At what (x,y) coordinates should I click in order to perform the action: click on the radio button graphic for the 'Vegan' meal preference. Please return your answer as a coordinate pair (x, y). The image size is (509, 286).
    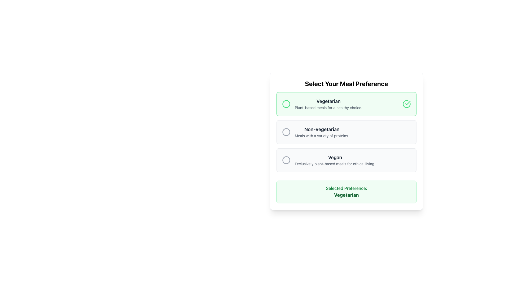
    Looking at the image, I should click on (286, 160).